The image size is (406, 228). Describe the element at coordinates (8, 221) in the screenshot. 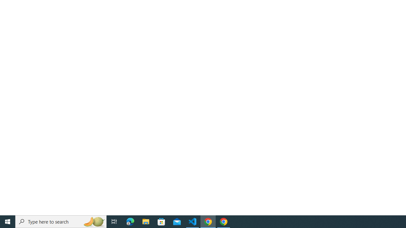

I see `'Start'` at that location.